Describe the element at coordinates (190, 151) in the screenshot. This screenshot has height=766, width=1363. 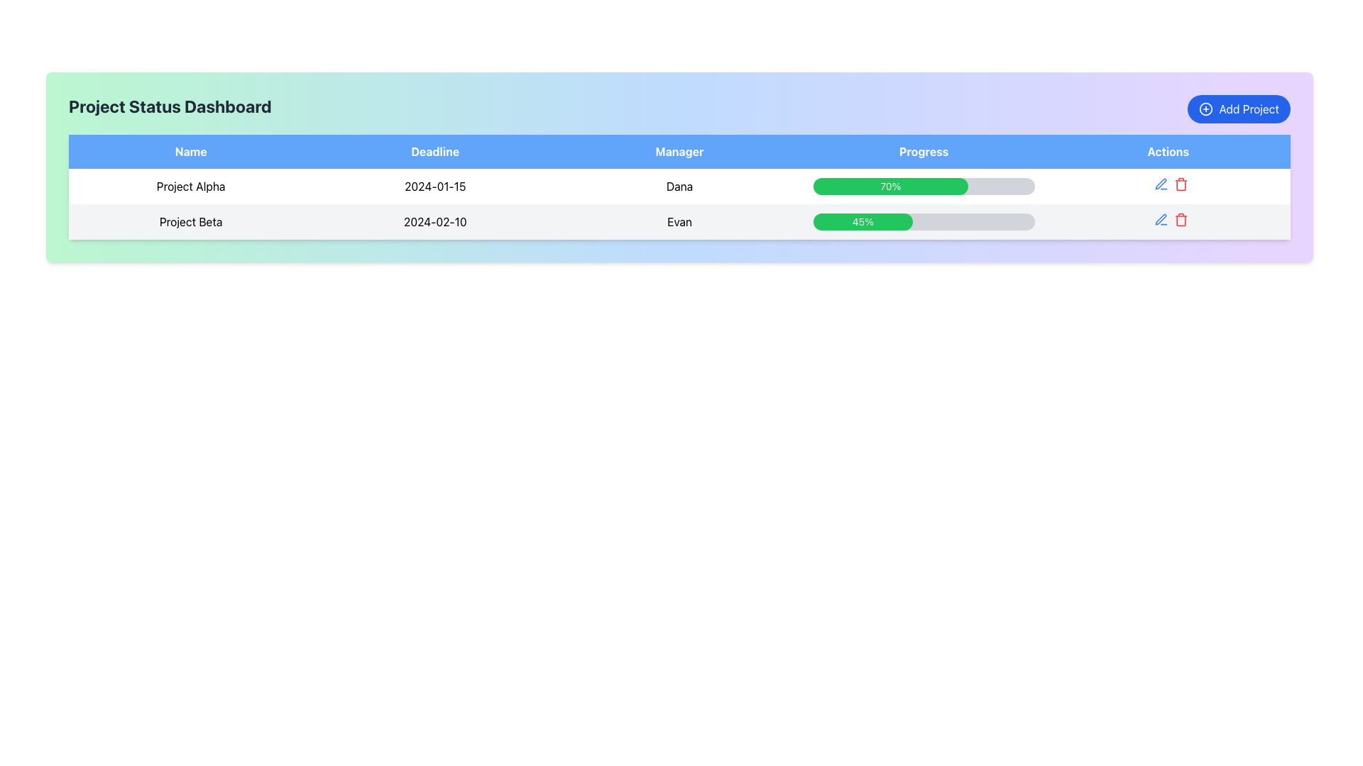
I see `the 'Name' column header cell in the table, which is the first header in a row of five, indicating the data corresponds to names` at that location.